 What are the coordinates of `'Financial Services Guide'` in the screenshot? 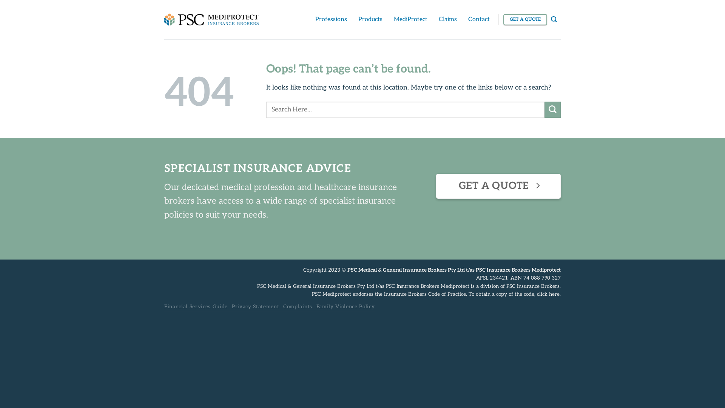 It's located at (196, 307).